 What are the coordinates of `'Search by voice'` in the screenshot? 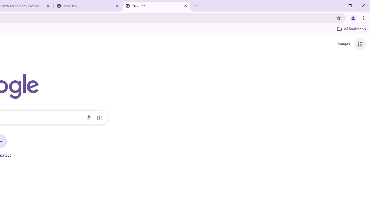 It's located at (88, 117).